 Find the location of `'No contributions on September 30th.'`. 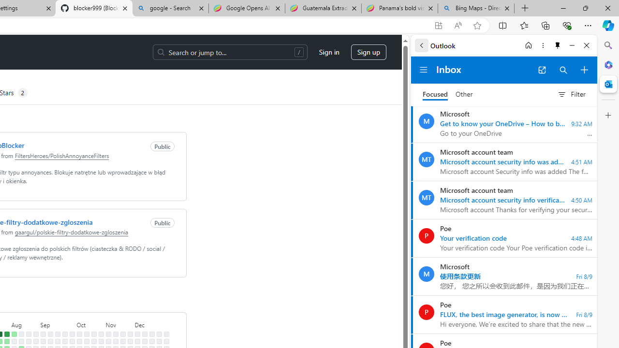

'No contributions on September 30th.' is located at coordinates (72, 341).